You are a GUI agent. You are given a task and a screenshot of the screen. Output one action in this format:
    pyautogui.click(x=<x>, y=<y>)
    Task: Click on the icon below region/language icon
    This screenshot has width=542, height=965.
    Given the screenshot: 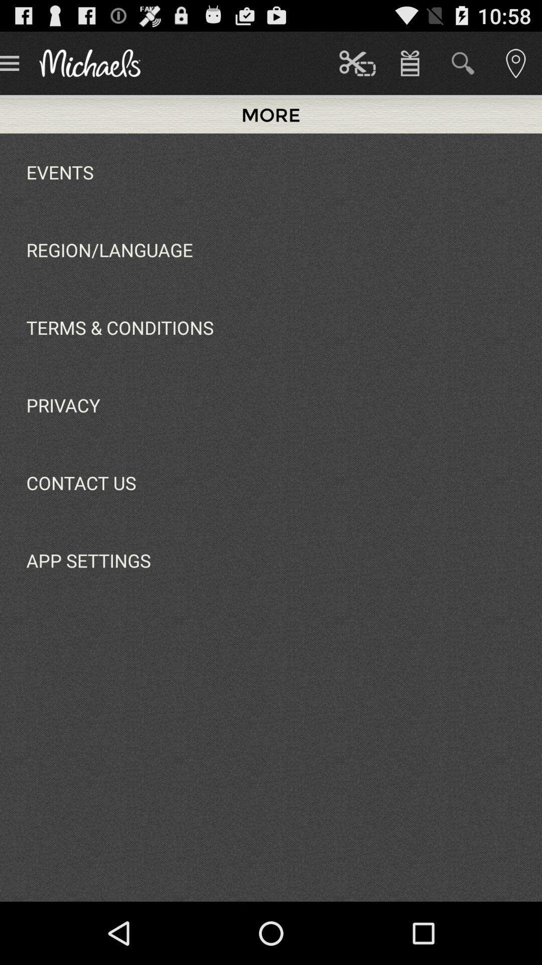 What is the action you would take?
    pyautogui.click(x=119, y=327)
    